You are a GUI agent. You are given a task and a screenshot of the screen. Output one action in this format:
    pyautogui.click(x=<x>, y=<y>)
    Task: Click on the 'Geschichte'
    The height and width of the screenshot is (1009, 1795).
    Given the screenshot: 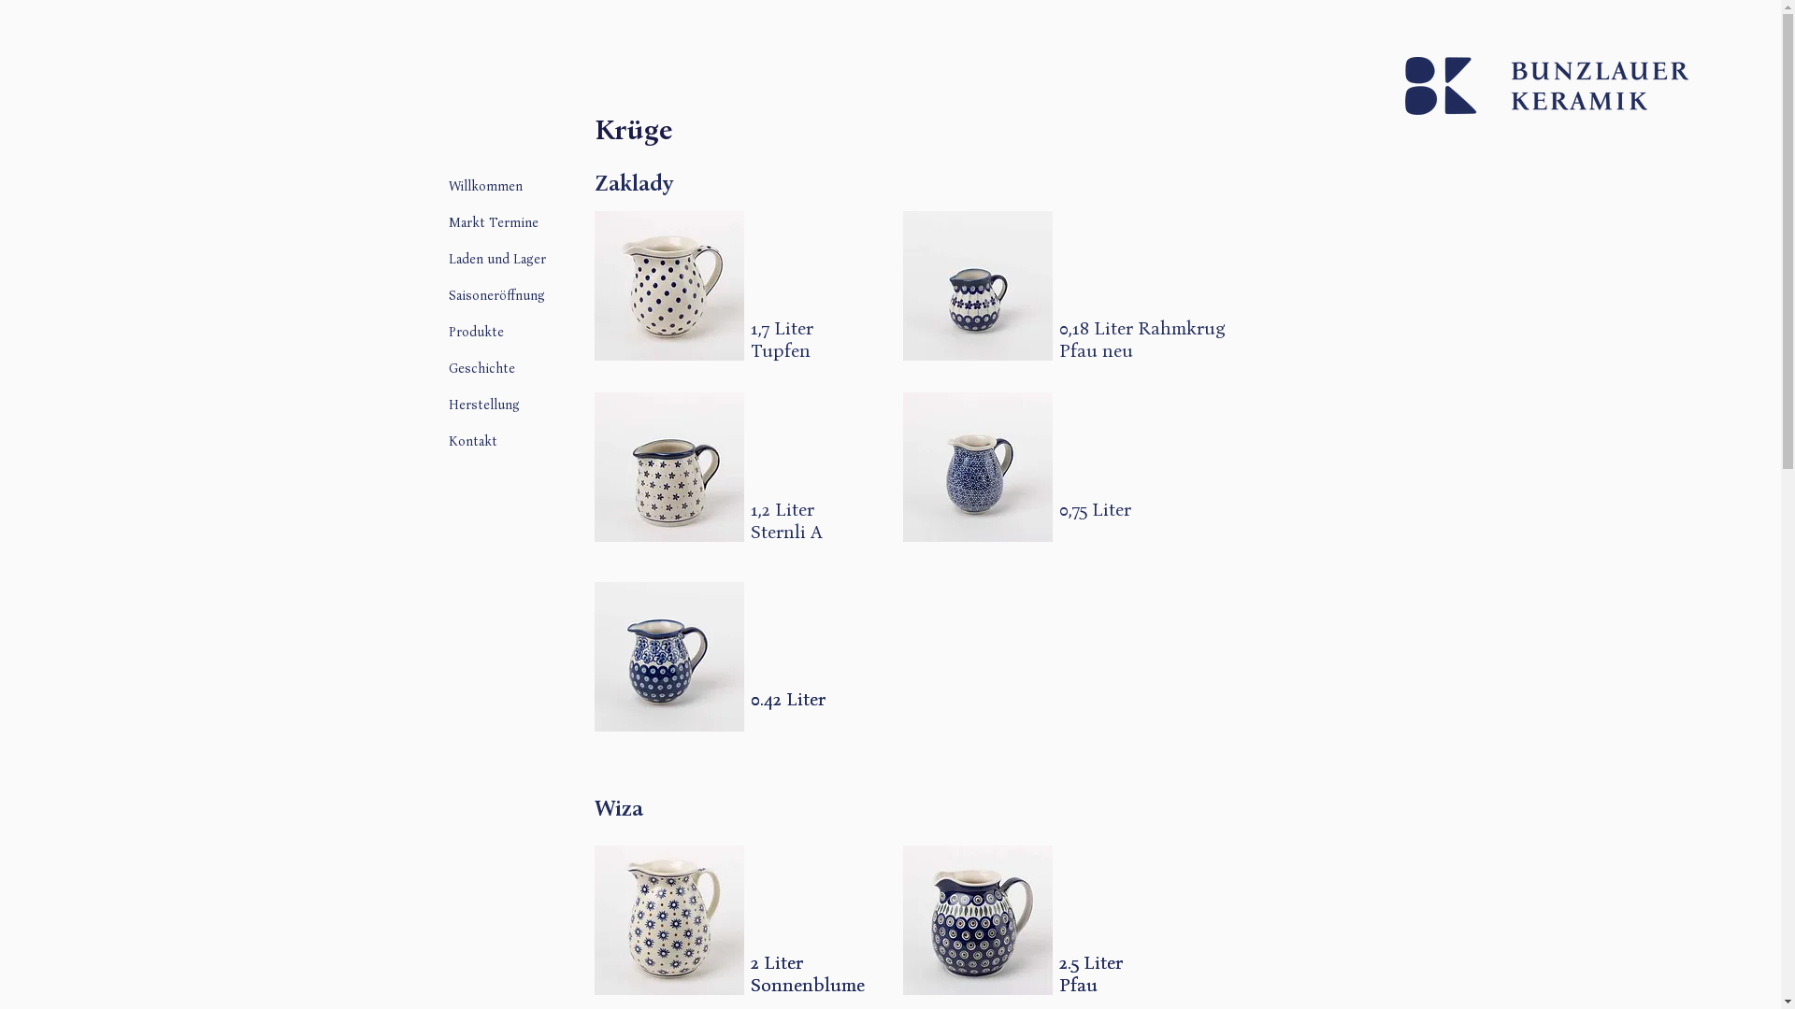 What is the action you would take?
    pyautogui.click(x=545, y=367)
    